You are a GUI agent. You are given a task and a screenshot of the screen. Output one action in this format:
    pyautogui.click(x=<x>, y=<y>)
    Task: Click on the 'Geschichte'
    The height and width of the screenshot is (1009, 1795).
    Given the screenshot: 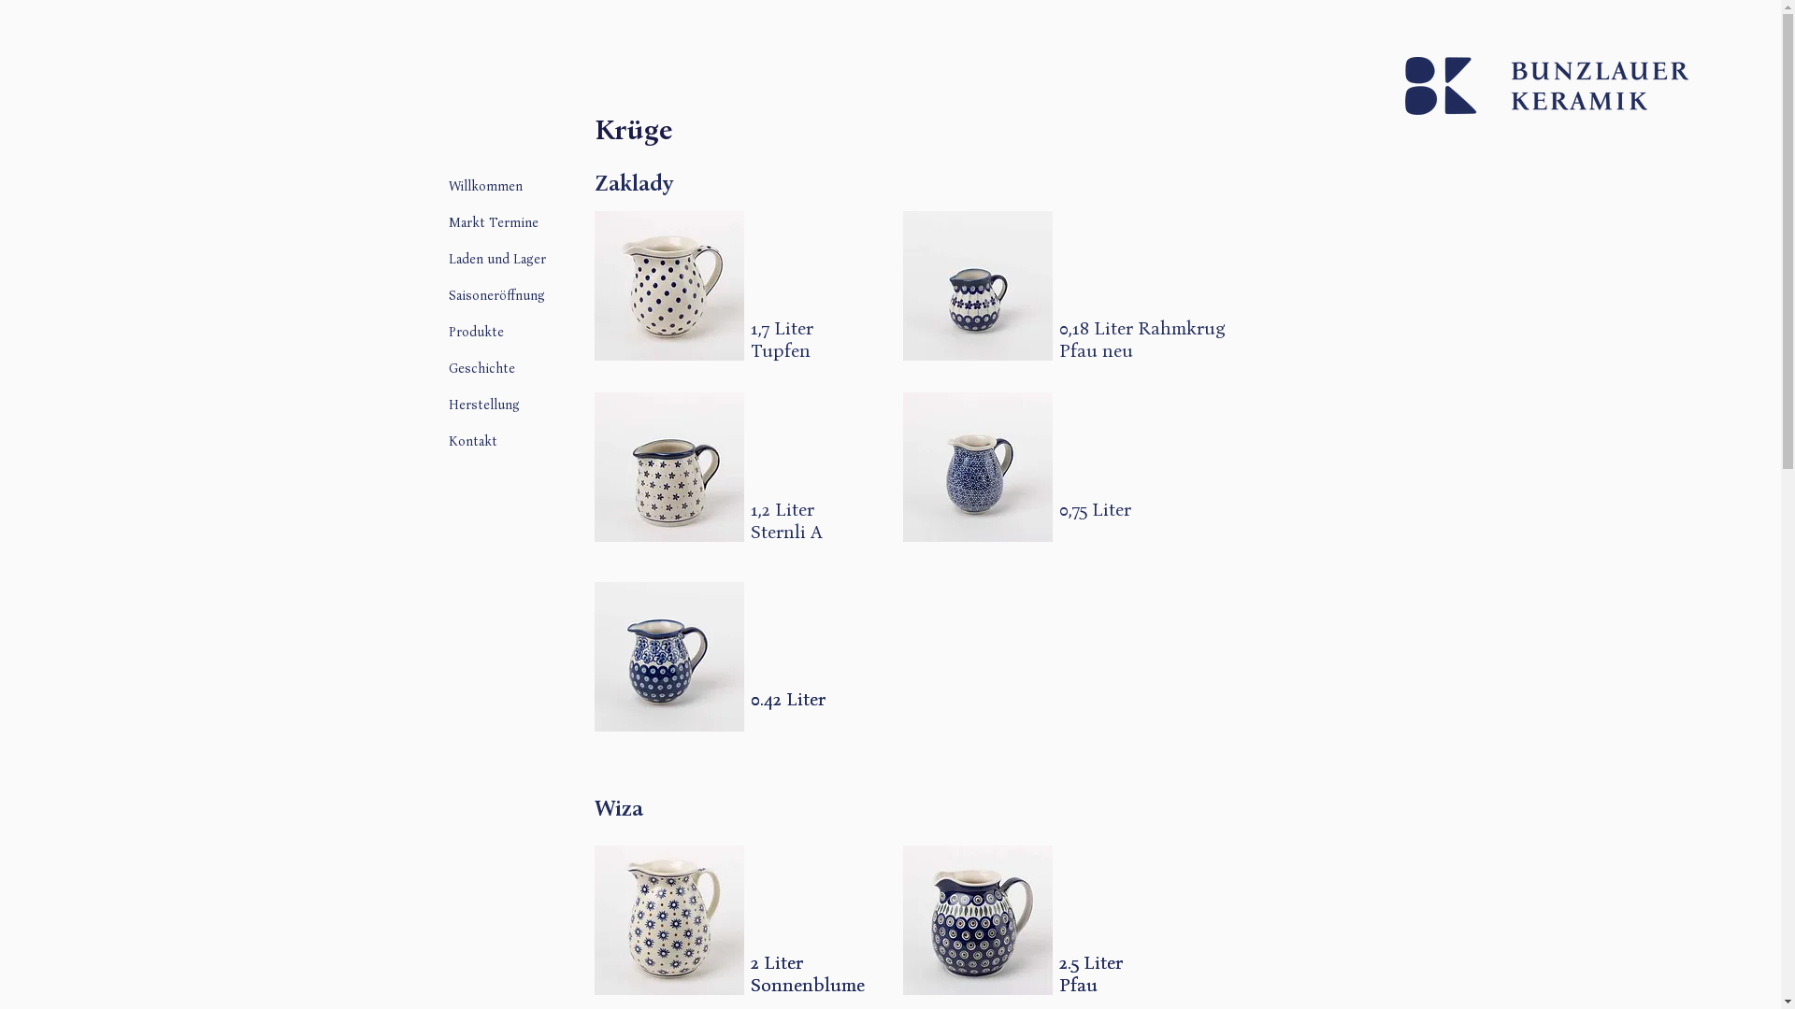 What is the action you would take?
    pyautogui.click(x=545, y=367)
    